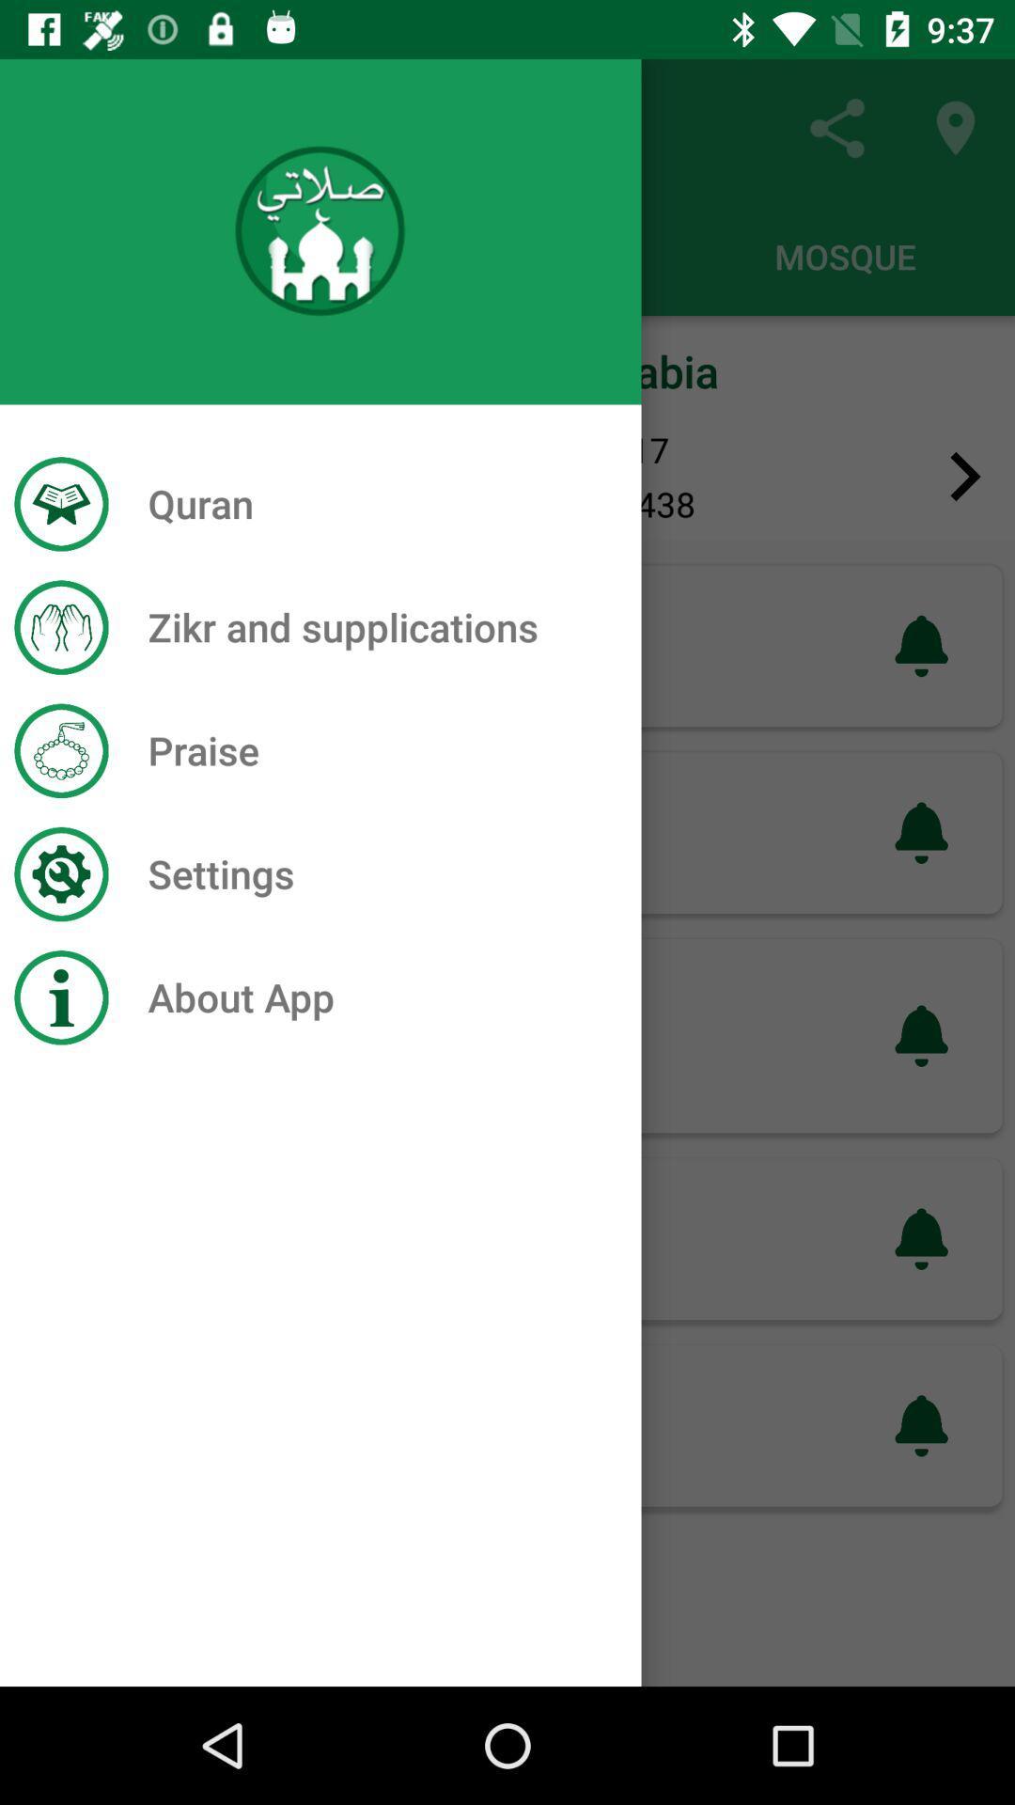  I want to click on the third notification icon, so click(920, 1035).